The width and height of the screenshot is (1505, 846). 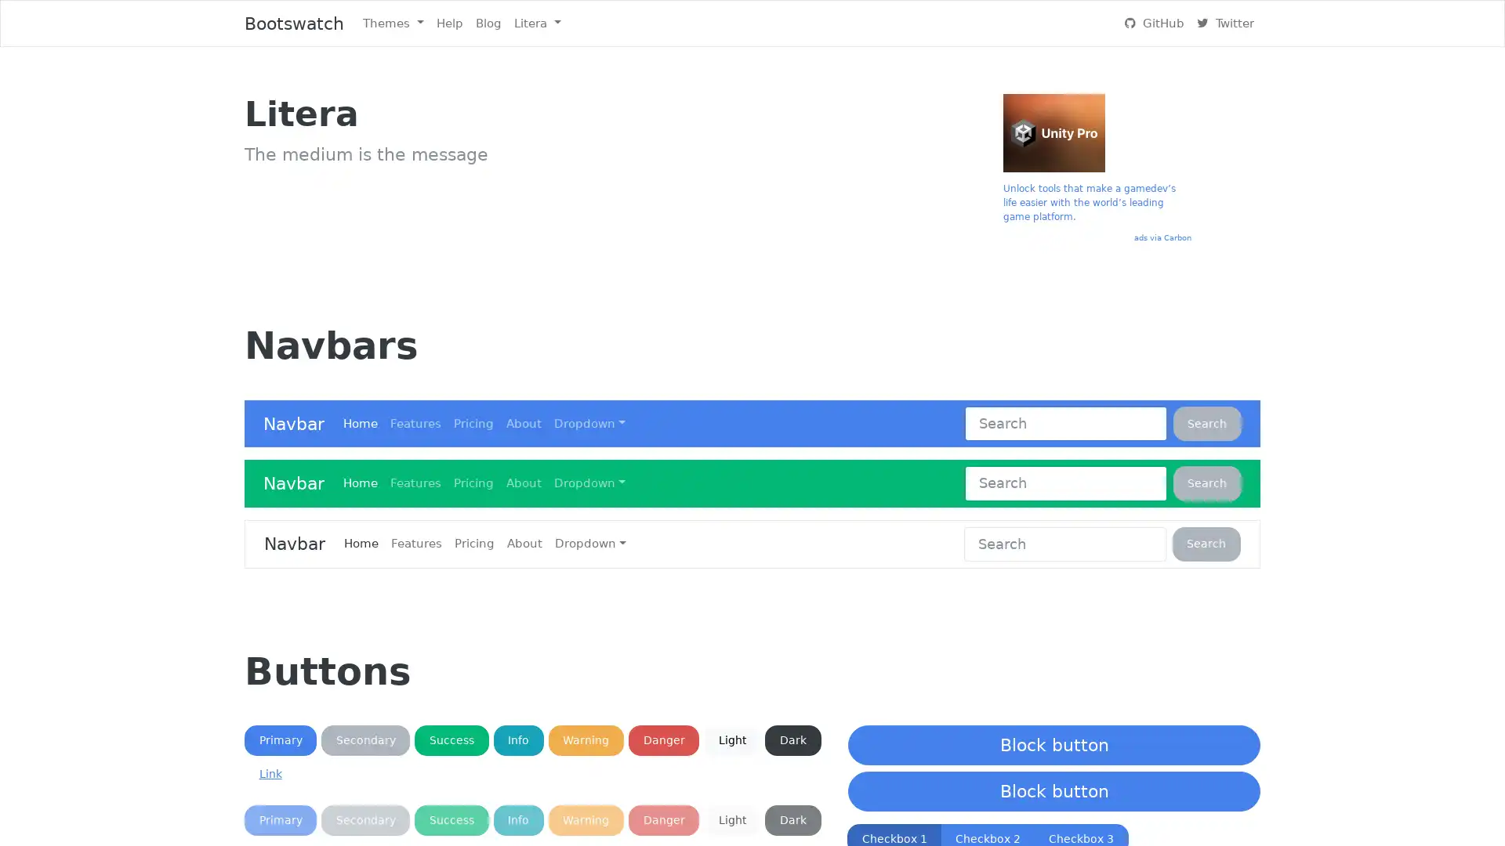 I want to click on Secondary, so click(x=364, y=819).